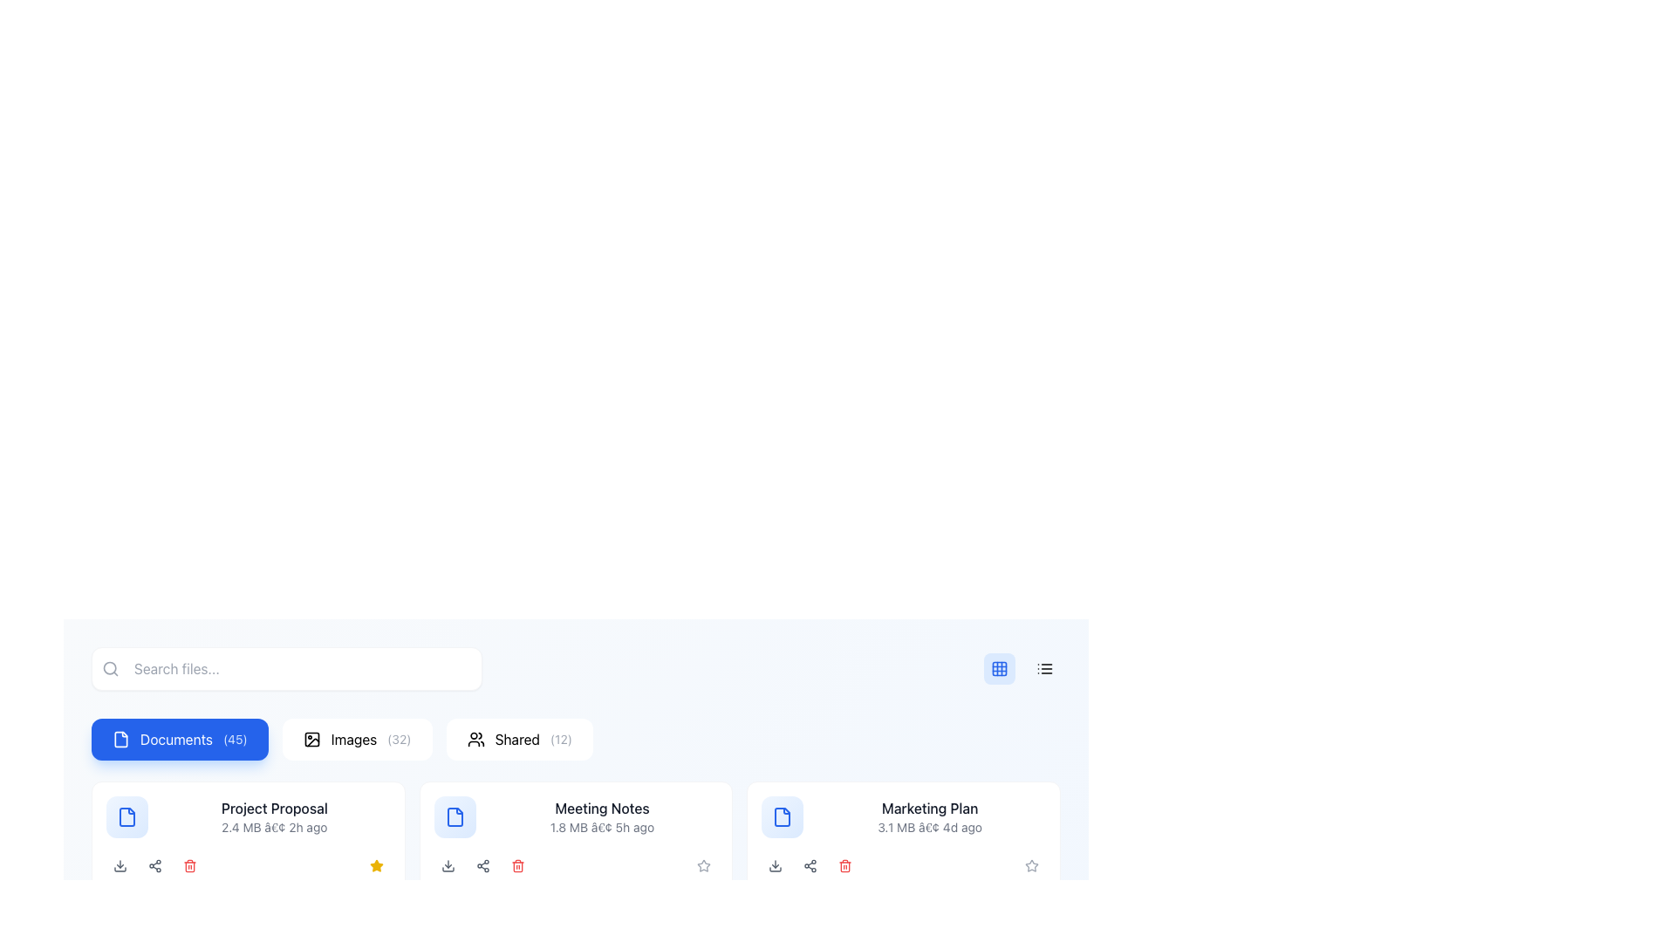  What do you see at coordinates (311, 740) in the screenshot?
I see `the minimalistic icon representing an image, located within the 'Images (32)' navigation bar` at bounding box center [311, 740].